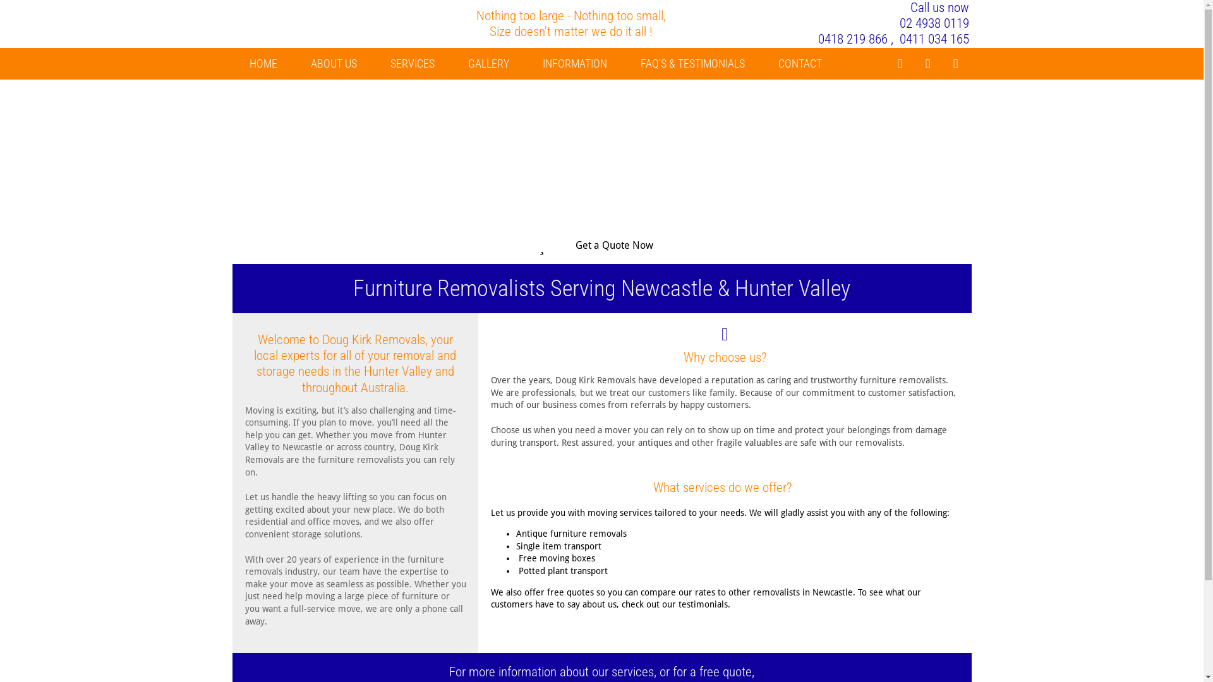  I want to click on 'SERVICES', so click(412, 63).